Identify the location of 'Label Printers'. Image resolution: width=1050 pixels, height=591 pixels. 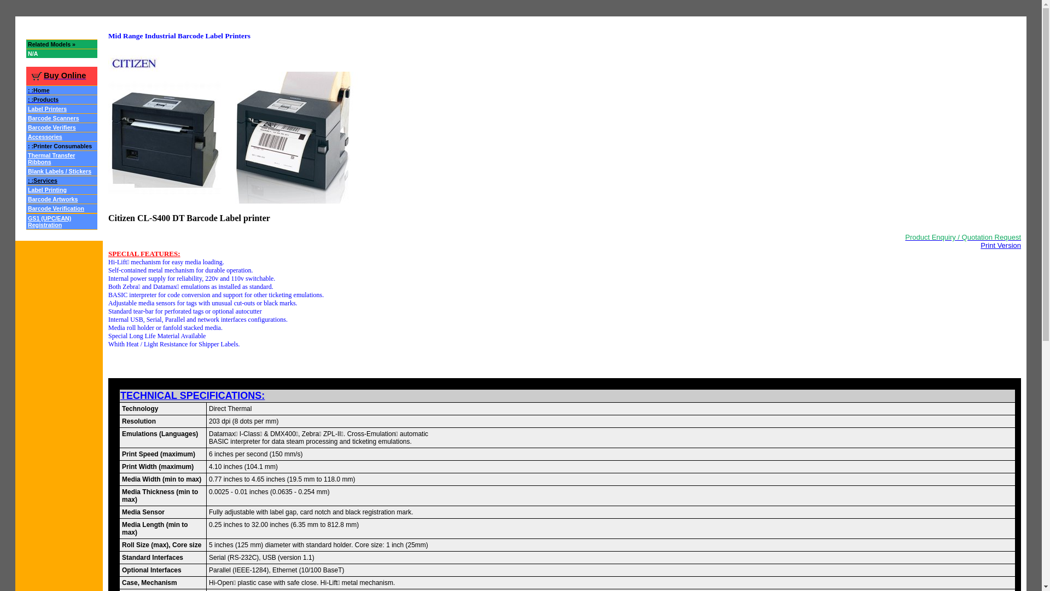
(46, 108).